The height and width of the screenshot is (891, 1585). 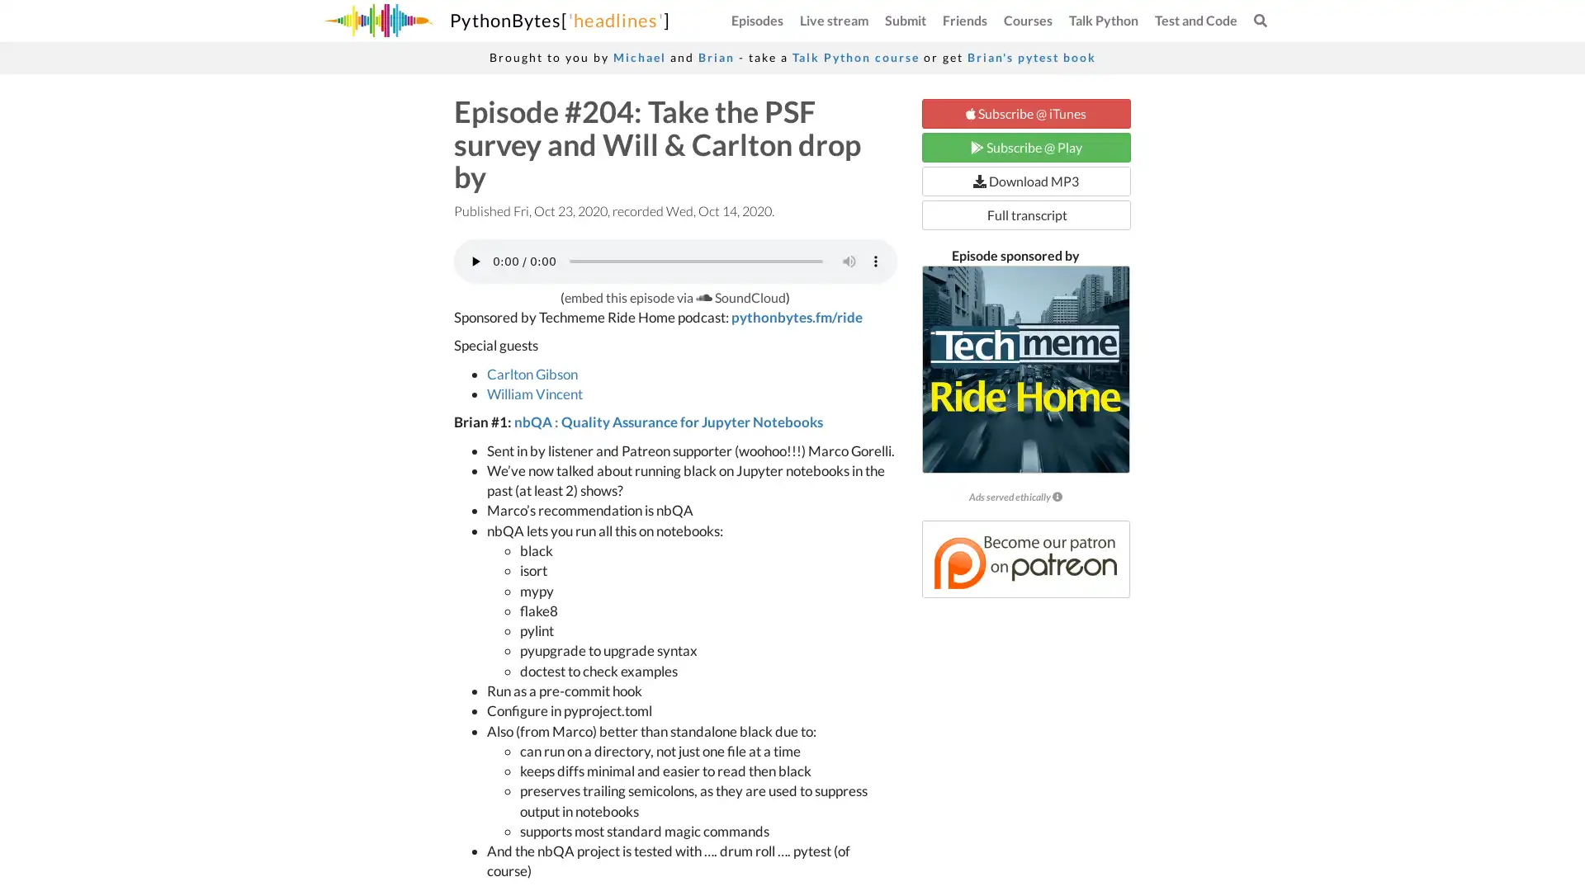 I want to click on play, so click(x=475, y=260).